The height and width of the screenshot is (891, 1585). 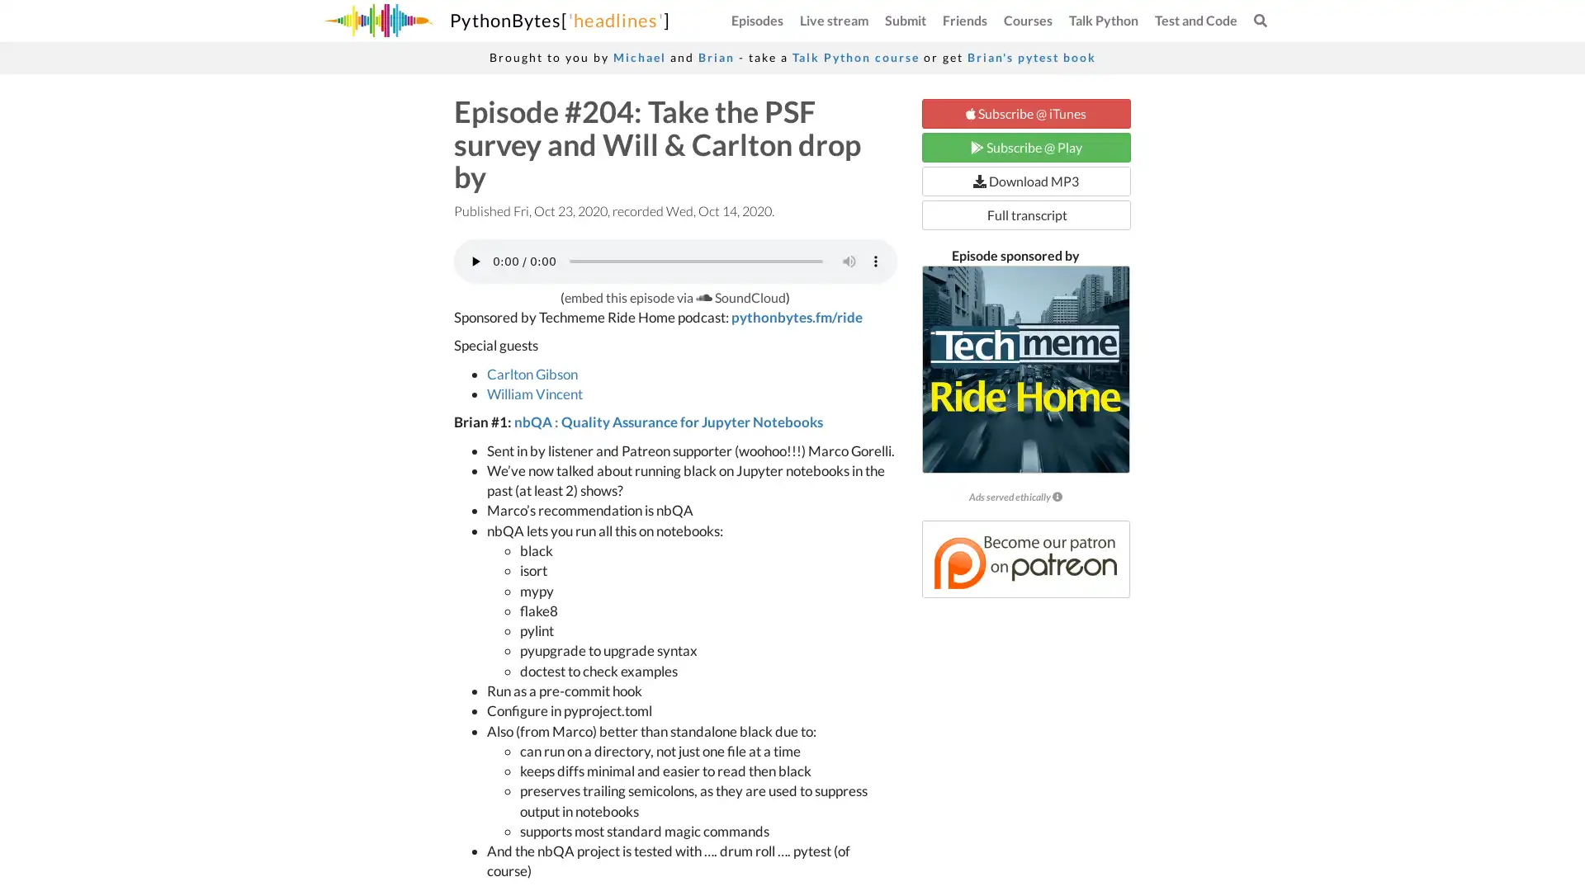 I want to click on play, so click(x=475, y=260).